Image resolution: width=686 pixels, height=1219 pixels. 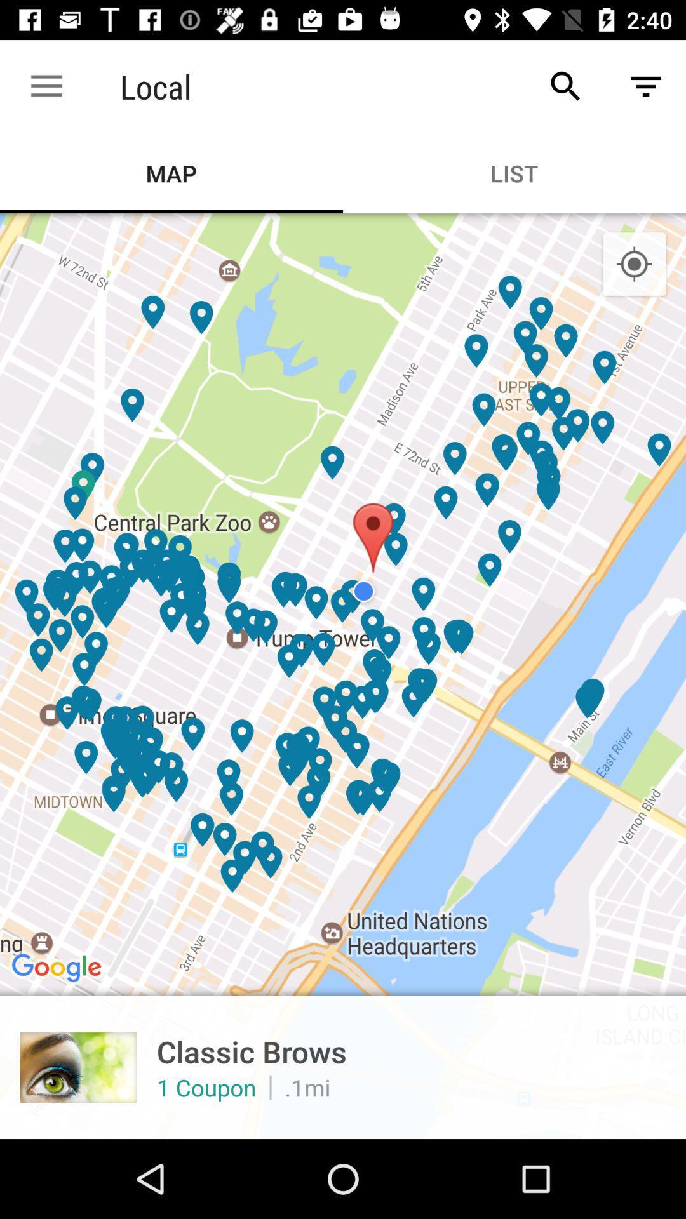 I want to click on the location_crosshair icon, so click(x=634, y=264).